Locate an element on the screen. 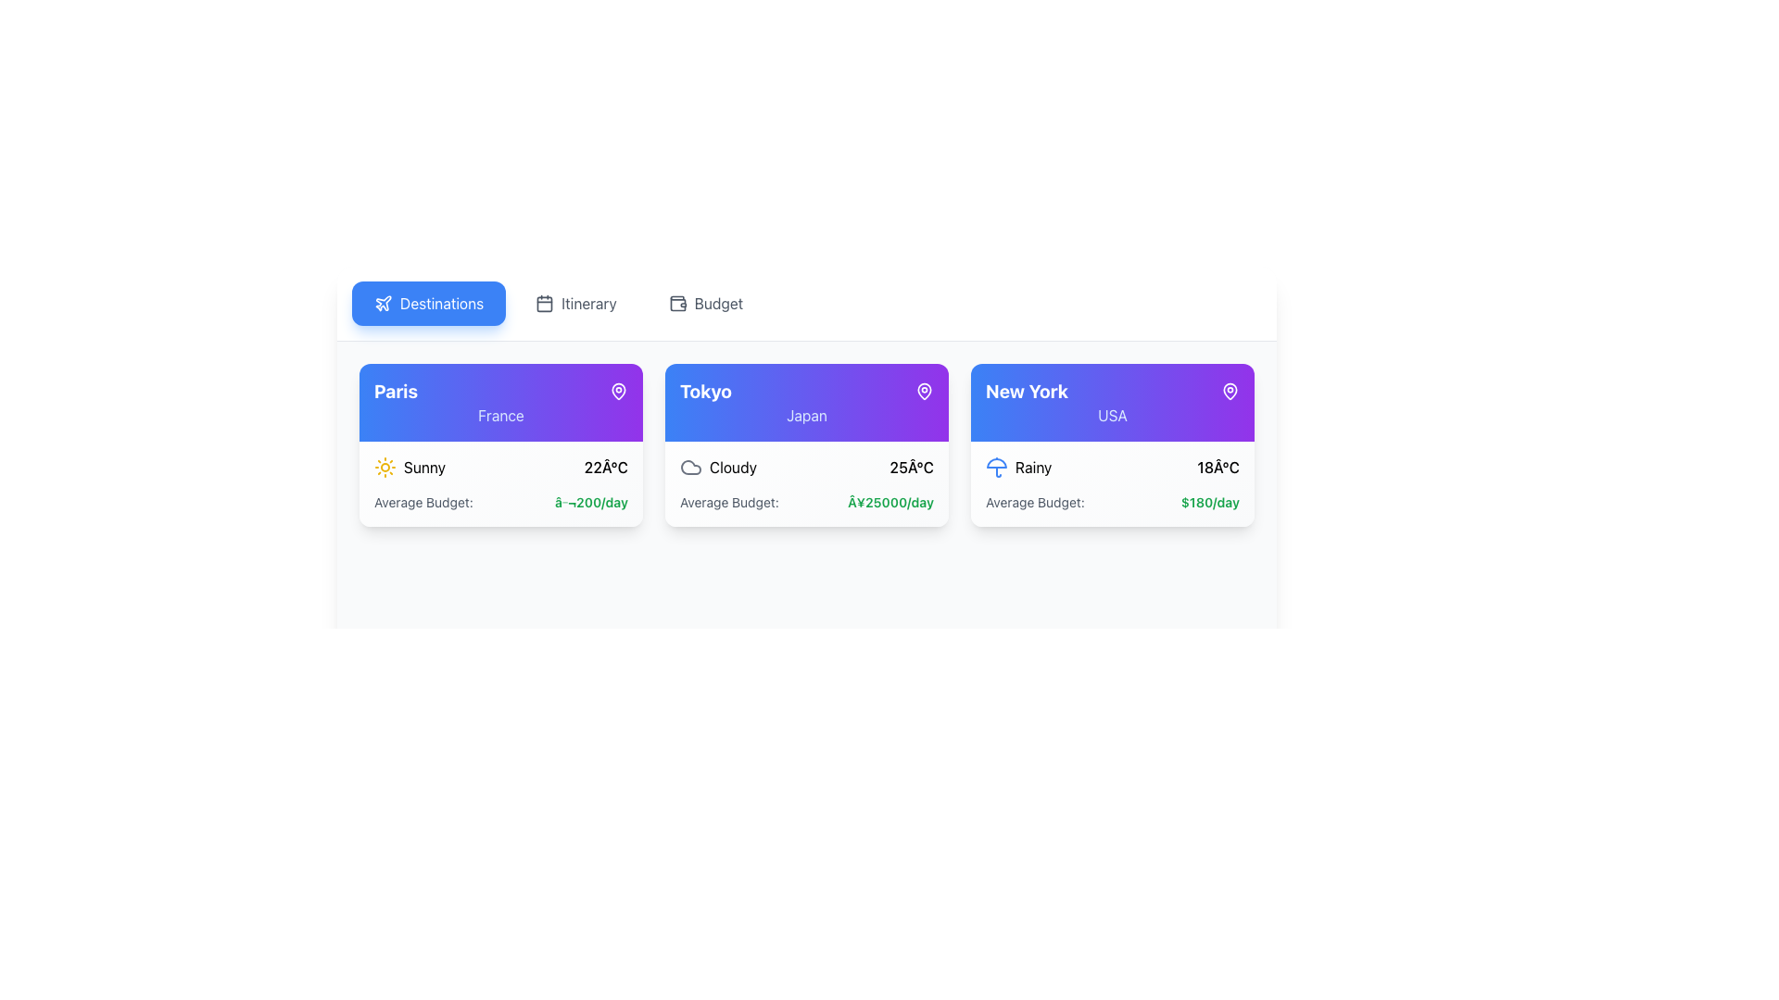 The height and width of the screenshot is (1000, 1779). the 'Itinerary' button located between the 'Destinations' and 'Budget' buttons is located at coordinates (574, 302).